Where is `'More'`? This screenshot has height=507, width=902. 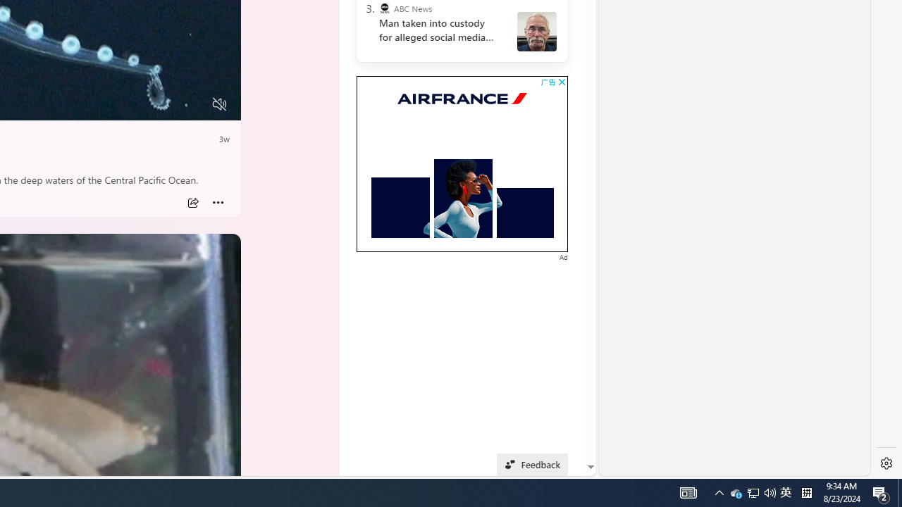
'More' is located at coordinates (218, 203).